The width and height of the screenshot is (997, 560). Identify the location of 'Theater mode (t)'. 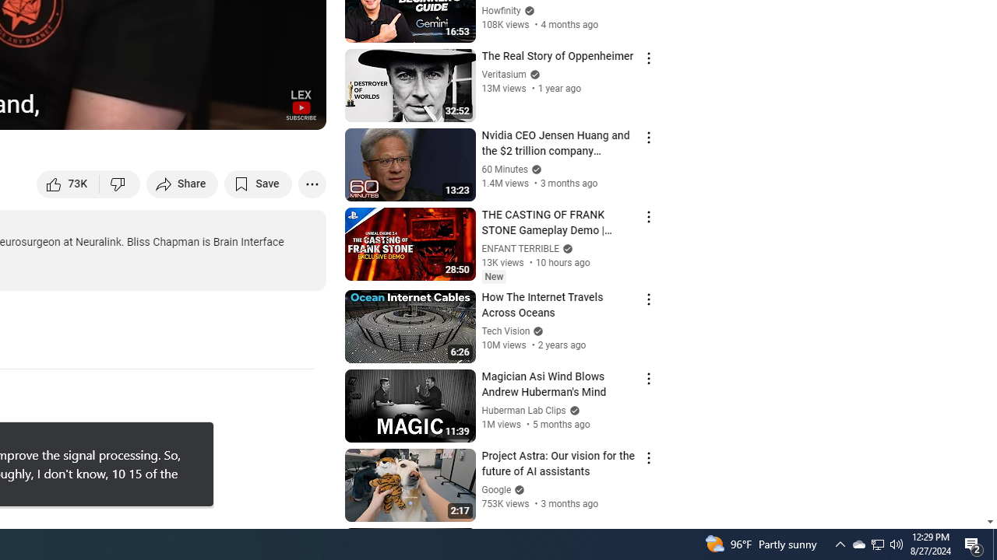
(260, 110).